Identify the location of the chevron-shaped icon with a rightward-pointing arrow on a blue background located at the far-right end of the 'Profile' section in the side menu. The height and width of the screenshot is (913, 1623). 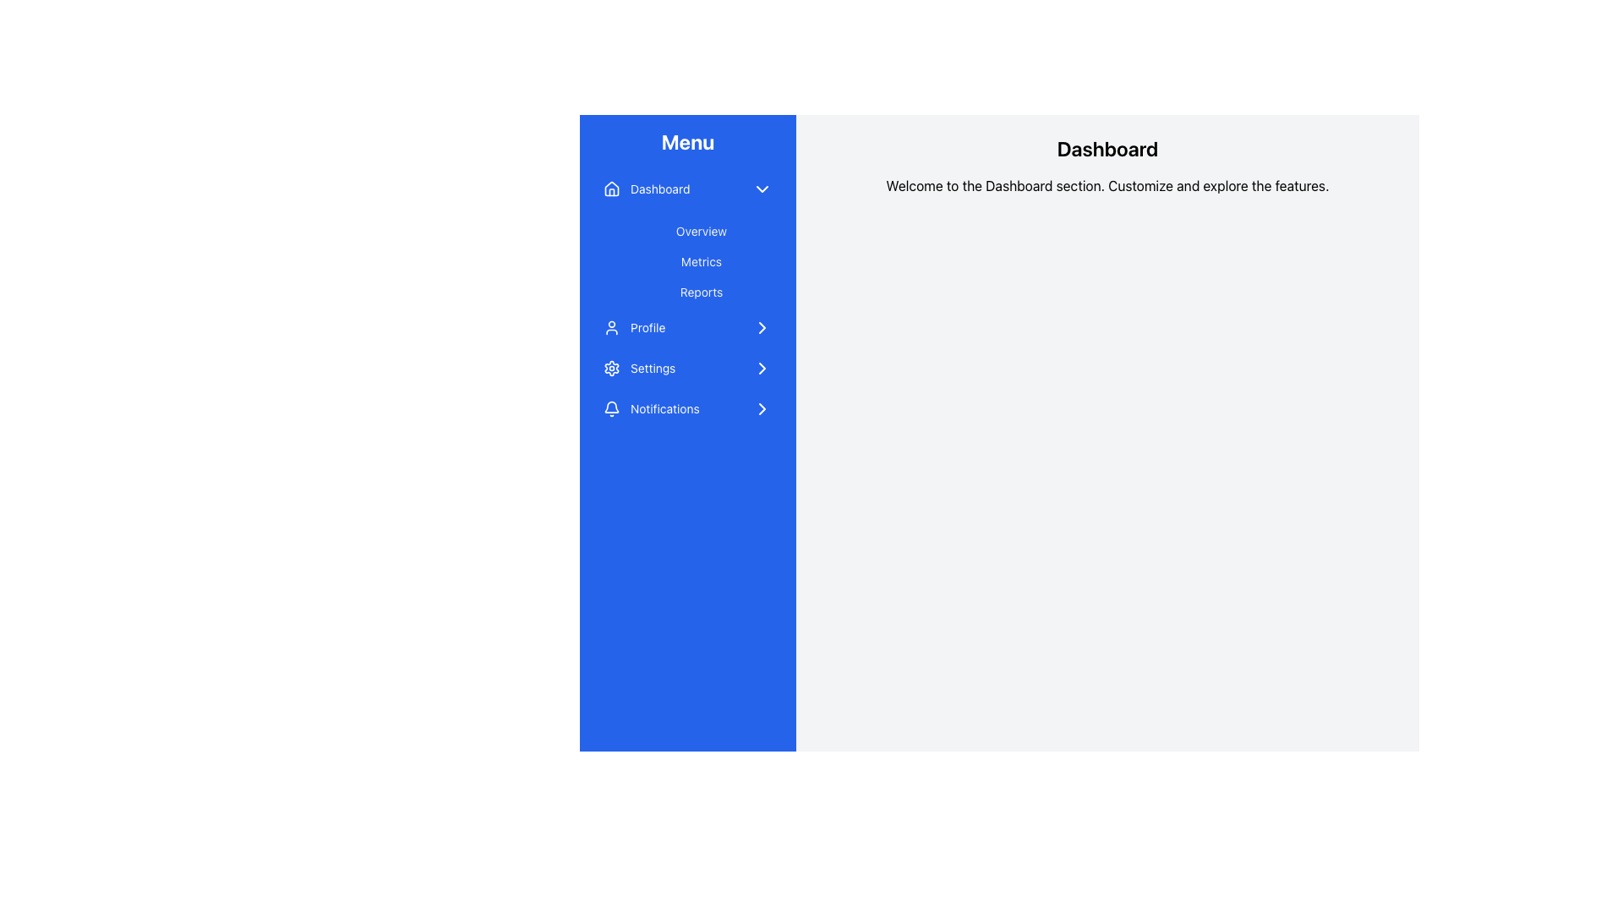
(762, 328).